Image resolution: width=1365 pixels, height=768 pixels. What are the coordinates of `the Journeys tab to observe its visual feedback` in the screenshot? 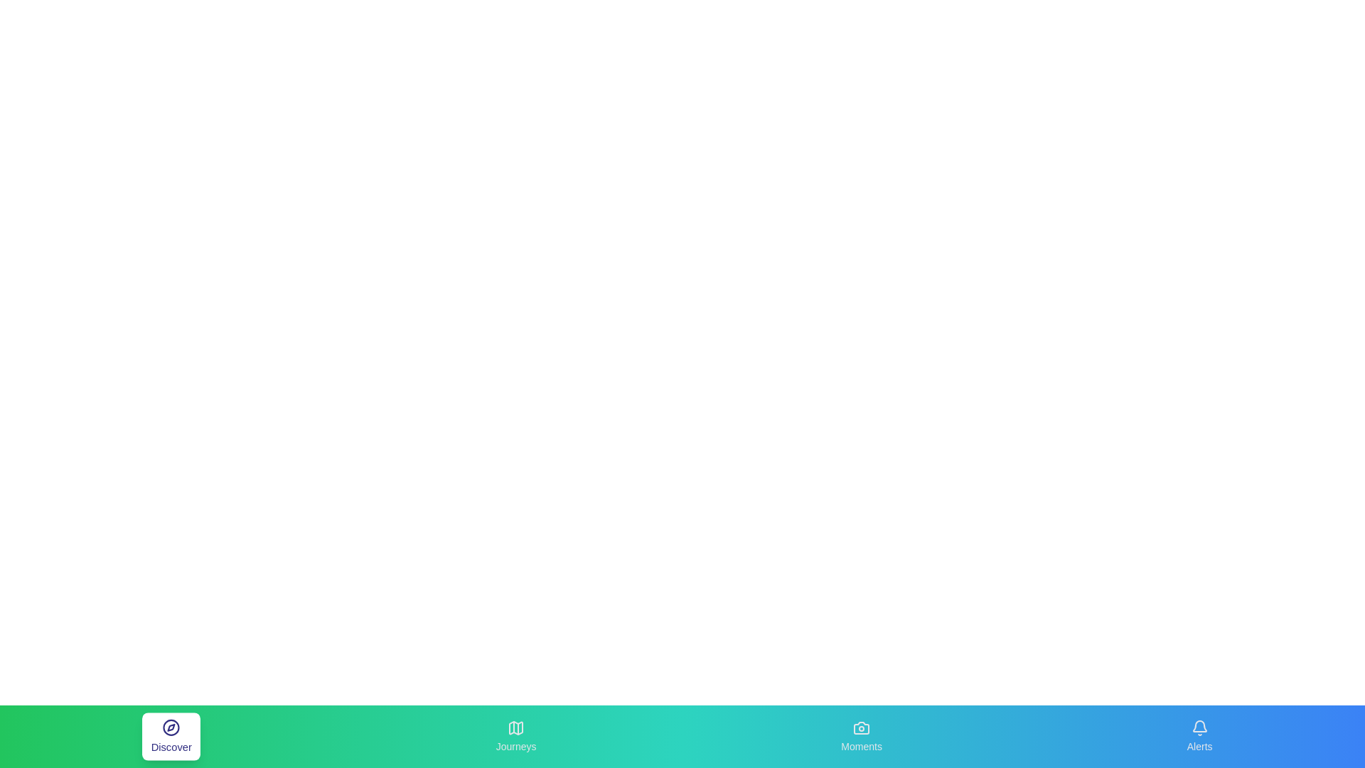 It's located at (515, 736).